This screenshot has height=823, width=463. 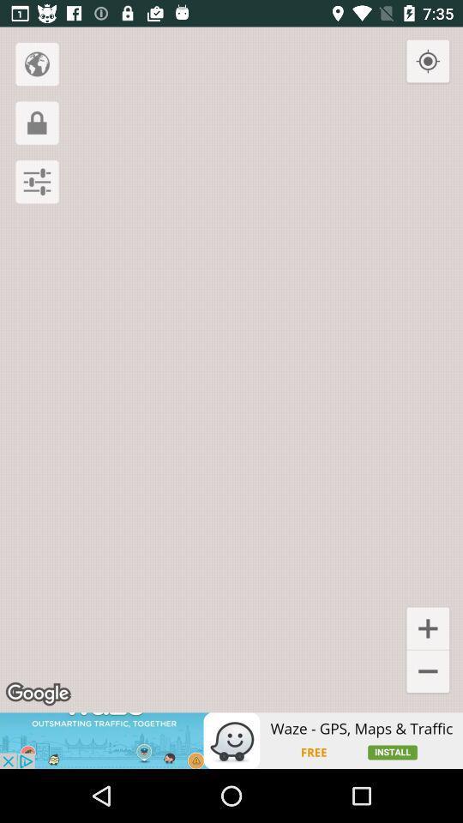 What do you see at coordinates (37, 63) in the screenshot?
I see `navigate the world` at bounding box center [37, 63].